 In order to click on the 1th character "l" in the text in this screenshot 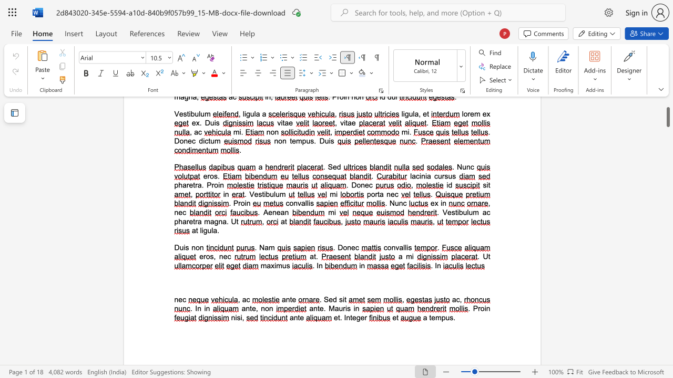, I will do `click(403, 247)`.